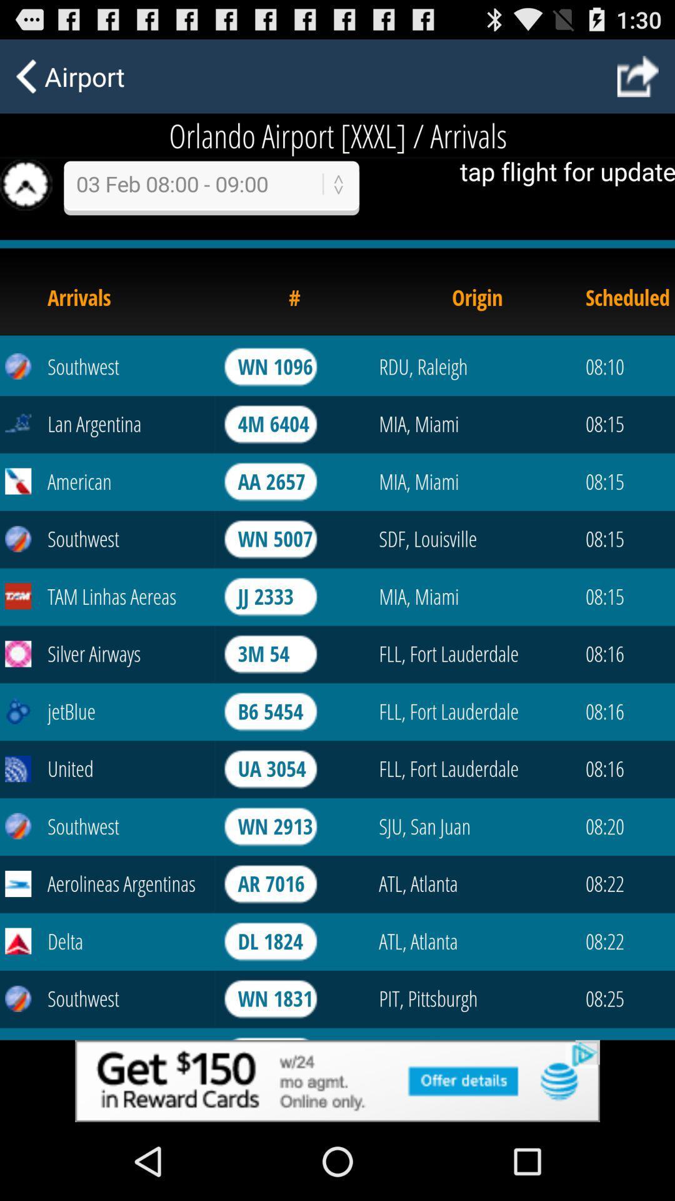  Describe the element at coordinates (337, 1080) in the screenshot. I see `give advertisement information` at that location.